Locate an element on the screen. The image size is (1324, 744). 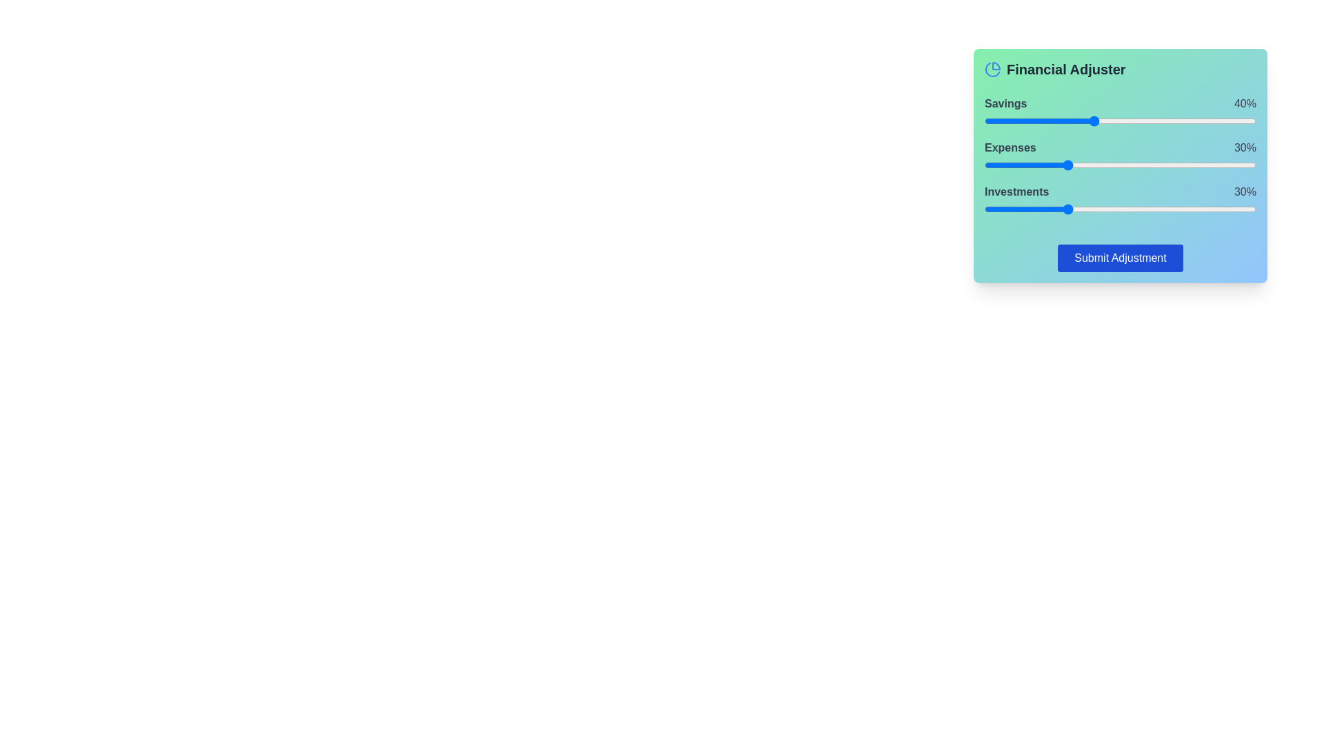
the savings slider to set the percentage to 4 is located at coordinates (995, 121).